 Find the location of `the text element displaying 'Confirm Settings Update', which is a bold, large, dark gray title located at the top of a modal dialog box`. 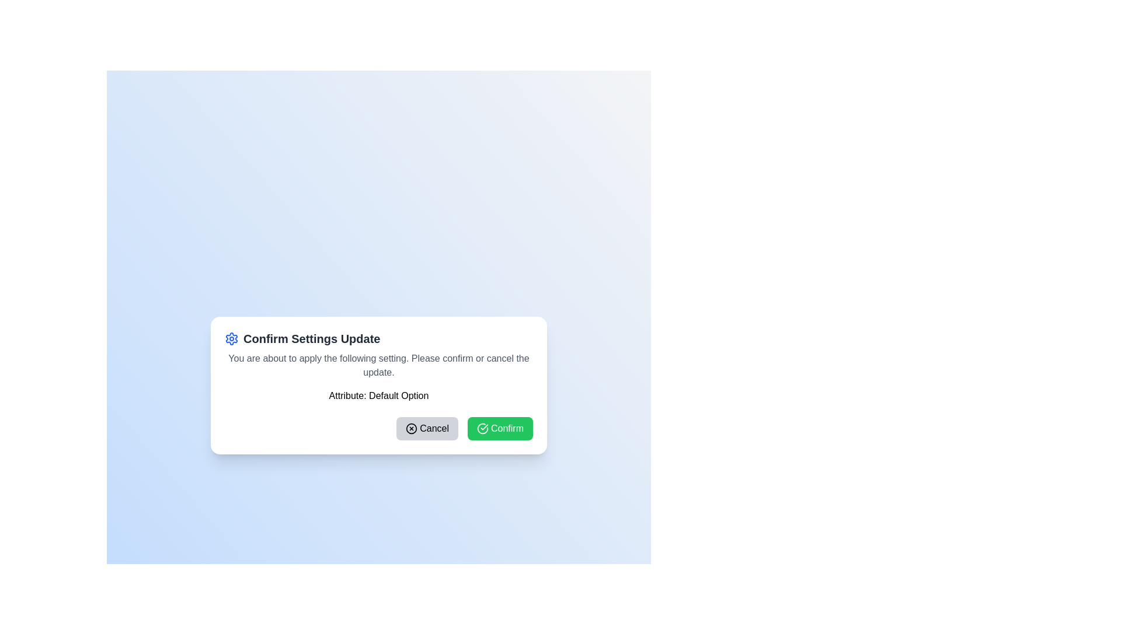

the text element displaying 'Confirm Settings Update', which is a bold, large, dark gray title located at the top of a modal dialog box is located at coordinates (312, 339).